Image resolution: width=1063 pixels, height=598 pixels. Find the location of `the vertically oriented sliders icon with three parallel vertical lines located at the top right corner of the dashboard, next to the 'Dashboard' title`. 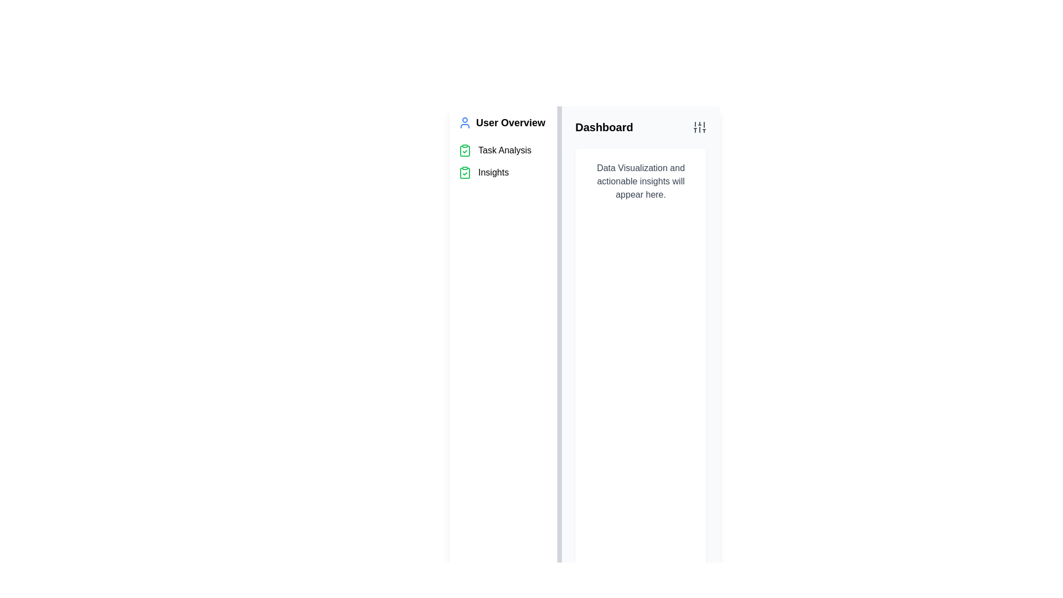

the vertically oriented sliders icon with three parallel vertical lines located at the top right corner of the dashboard, next to the 'Dashboard' title is located at coordinates (699, 127).